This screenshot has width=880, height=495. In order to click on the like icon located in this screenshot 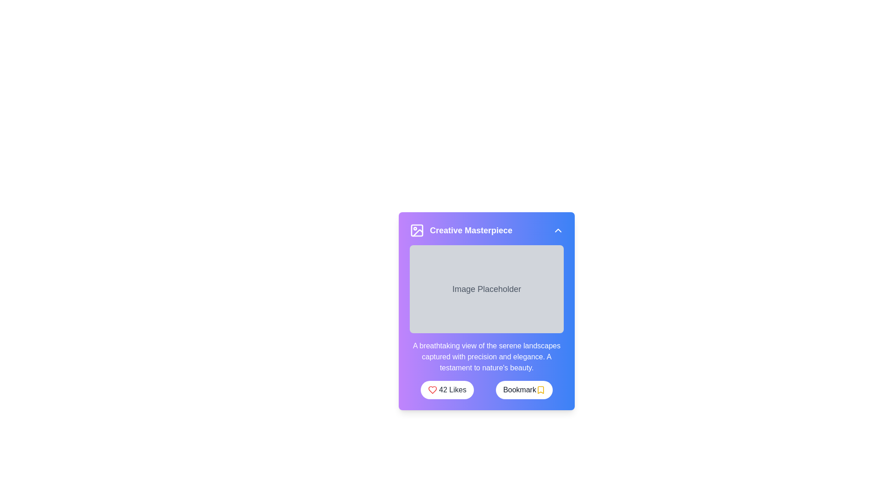, I will do `click(432, 390)`.